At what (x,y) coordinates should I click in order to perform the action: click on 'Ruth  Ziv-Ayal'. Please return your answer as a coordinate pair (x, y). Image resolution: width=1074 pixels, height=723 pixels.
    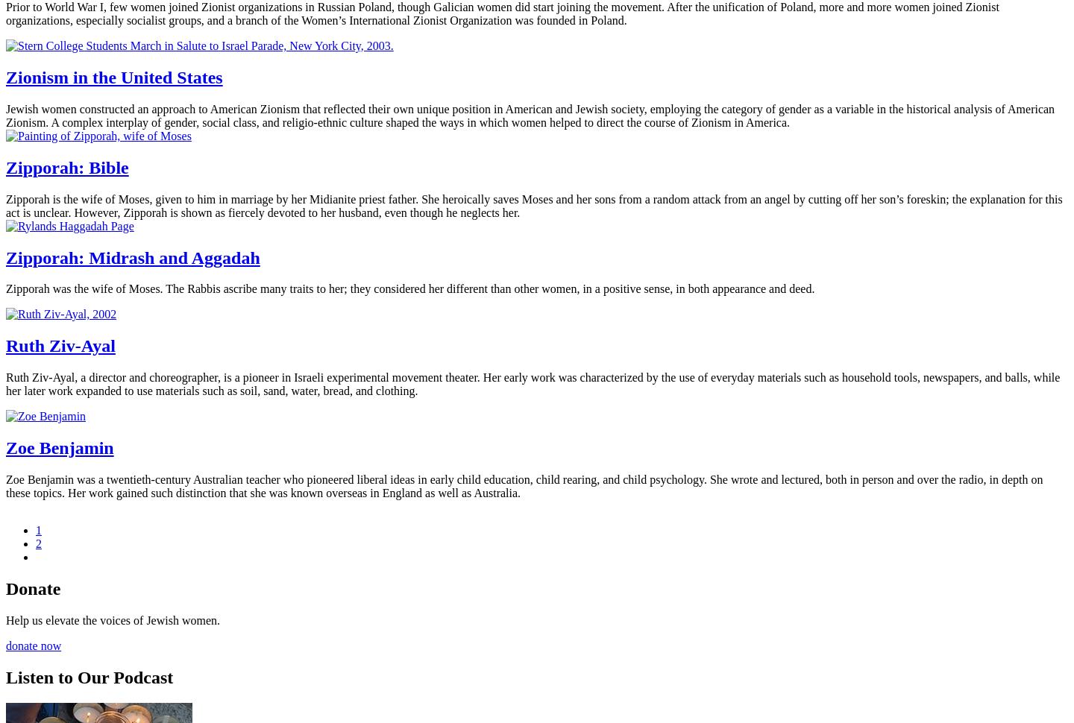
    Looking at the image, I should click on (5, 345).